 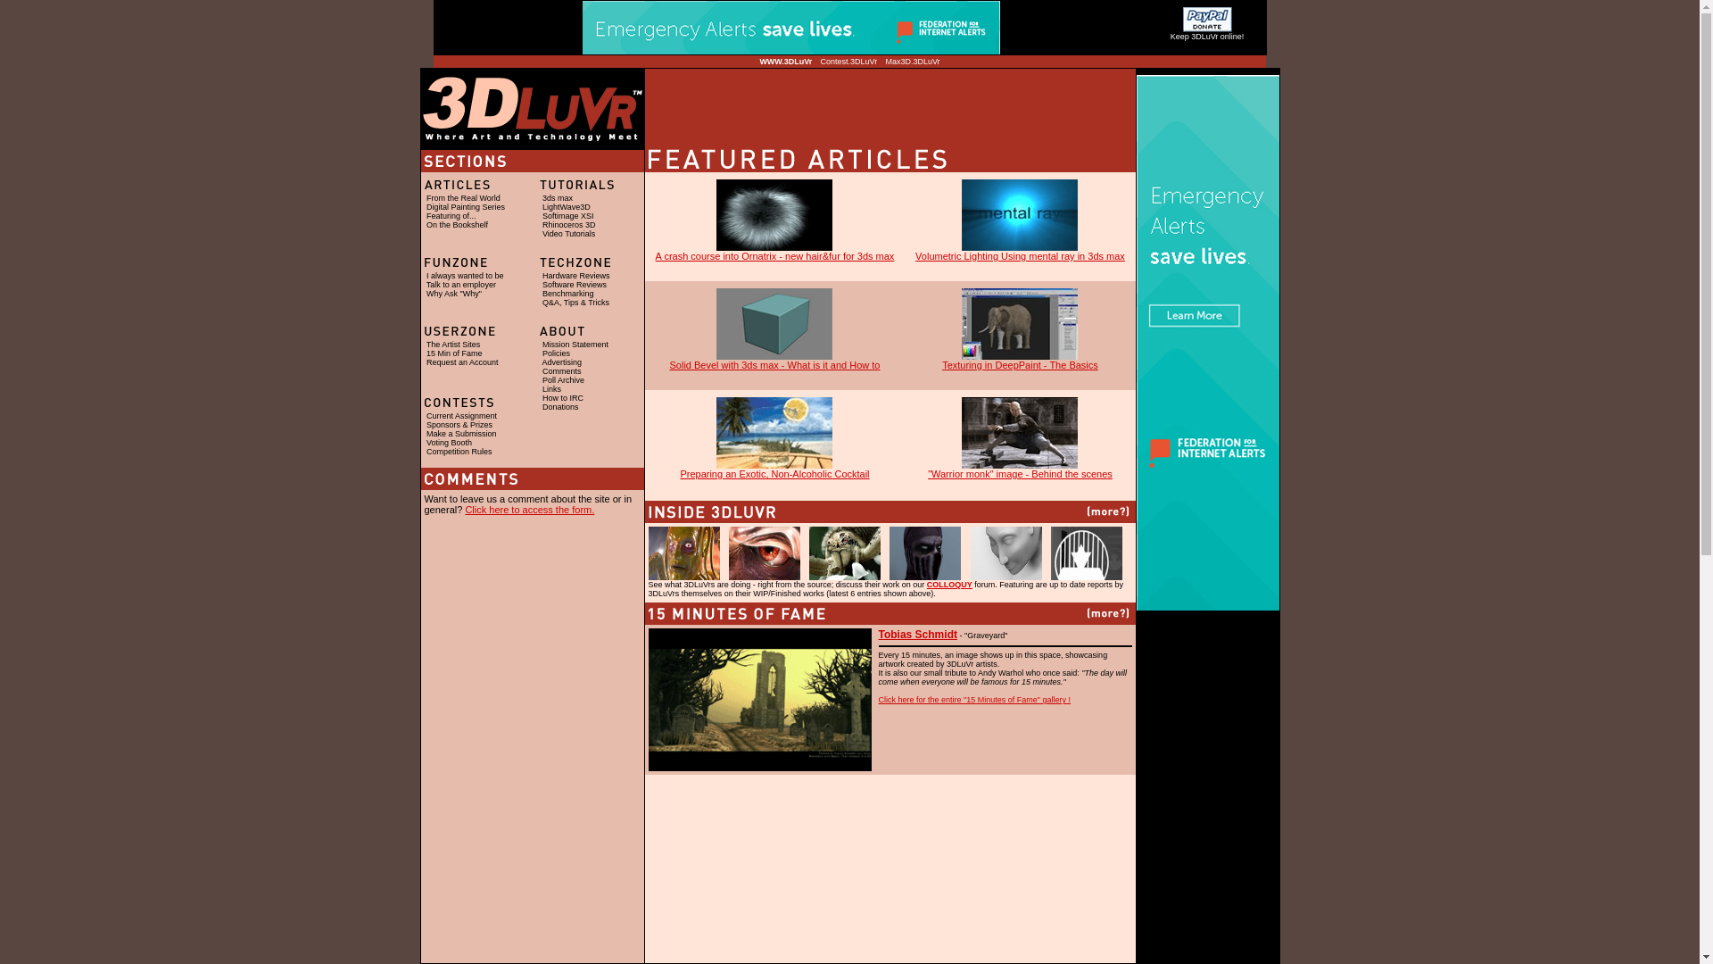 What do you see at coordinates (916, 635) in the screenshot?
I see `'Tobias Schmidt'` at bounding box center [916, 635].